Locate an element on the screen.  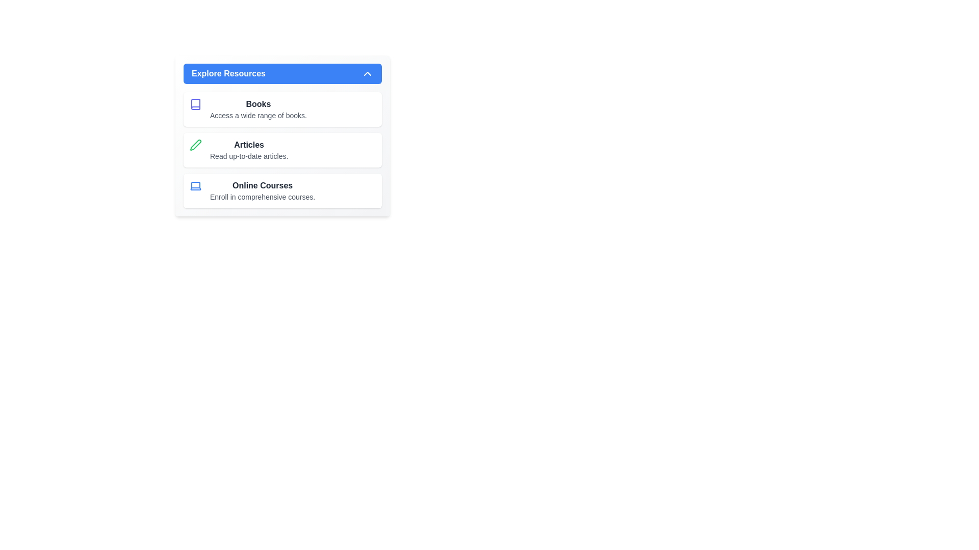
text label displaying 'Online Courses' in bold font and dark gray color, which serves as the title of the card within the 'Explore Resources' section is located at coordinates (263, 186).